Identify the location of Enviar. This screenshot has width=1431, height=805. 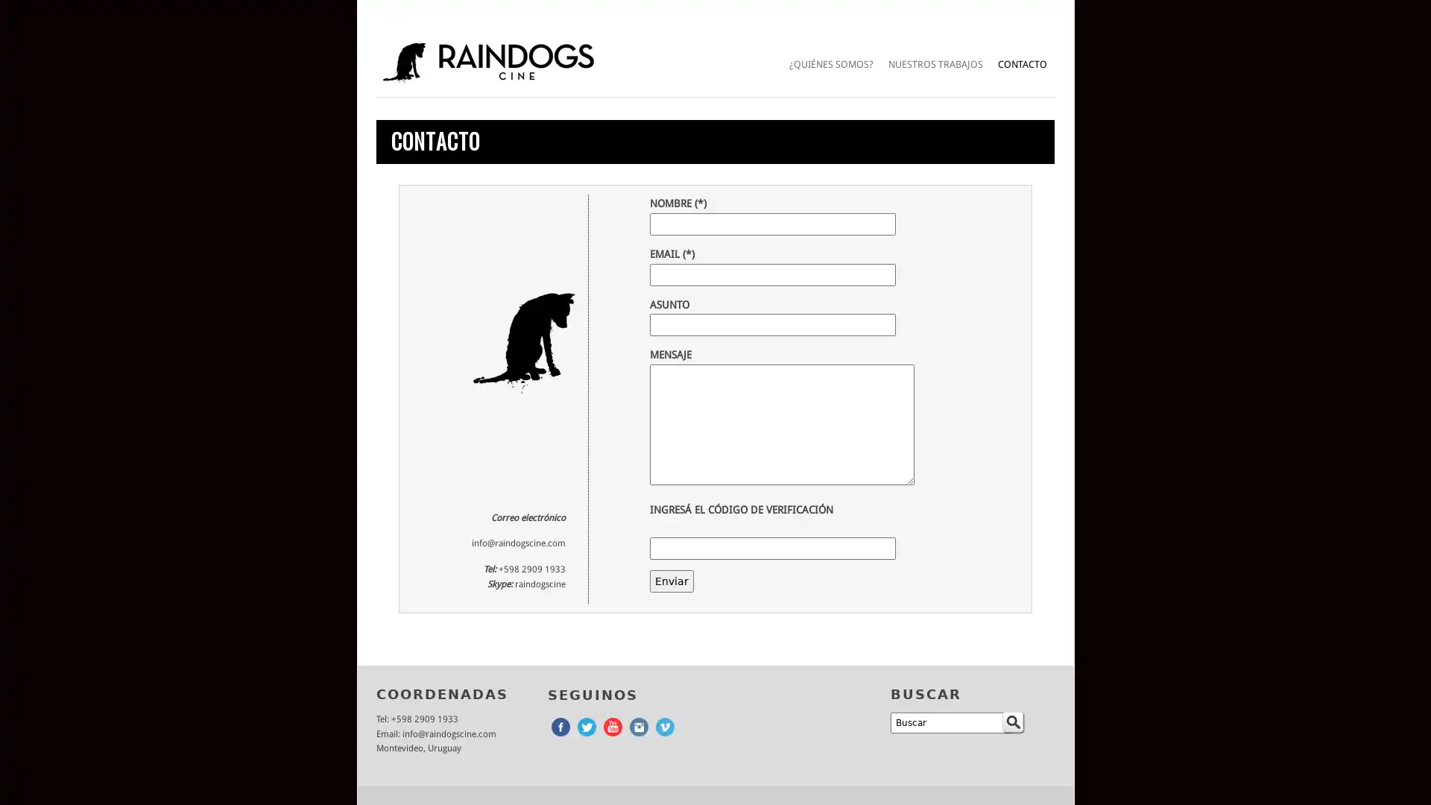
(670, 580).